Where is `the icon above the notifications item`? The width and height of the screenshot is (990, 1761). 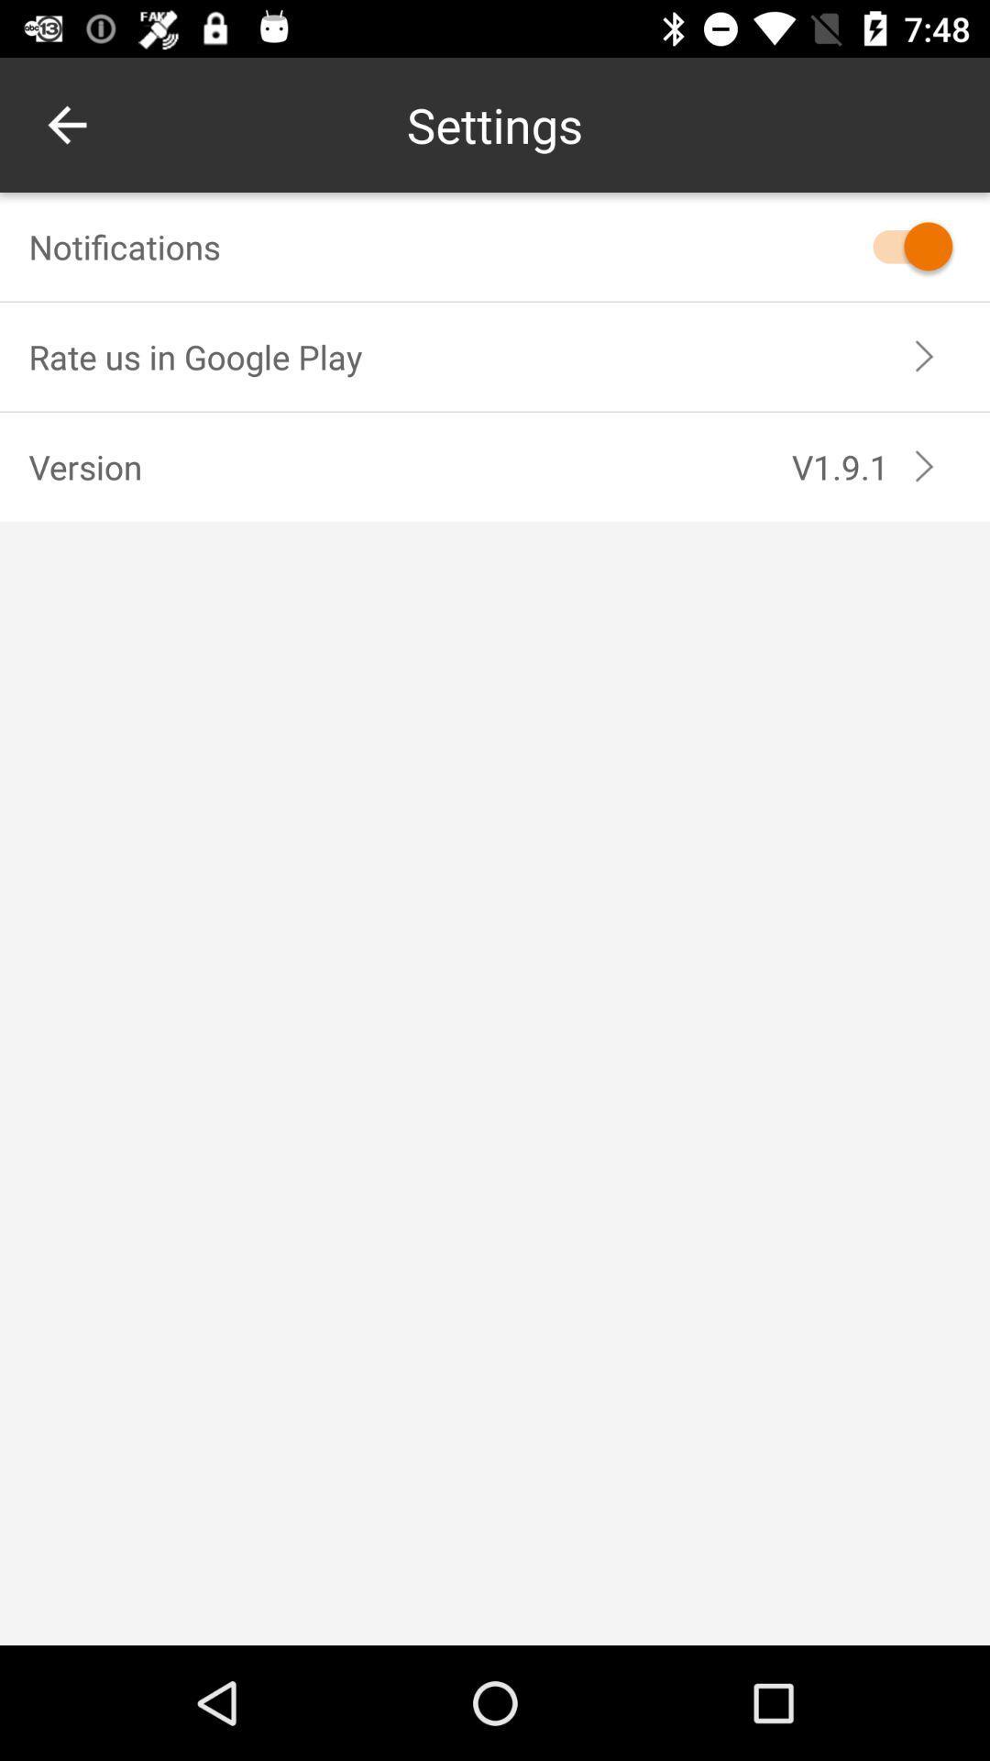 the icon above the notifications item is located at coordinates (66, 124).